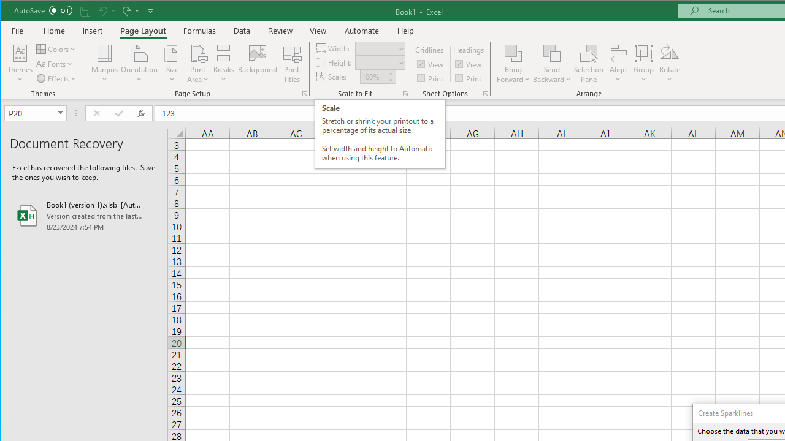  I want to click on 'Selection Pane...', so click(589, 64).